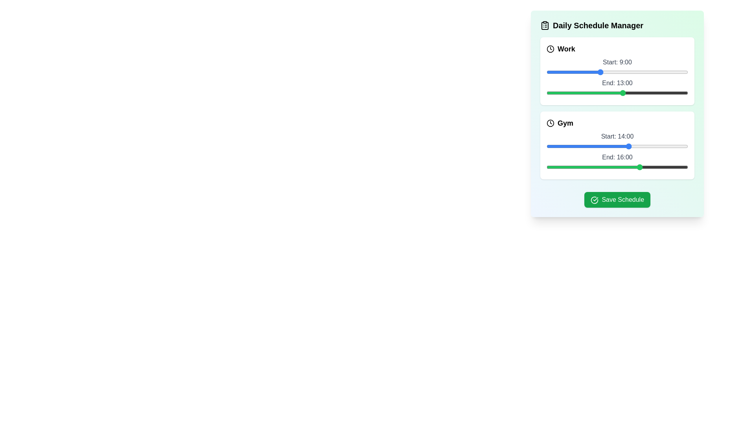  What do you see at coordinates (647, 72) in the screenshot?
I see `the start time of the 'Work' task to 17 hours using the slider` at bounding box center [647, 72].